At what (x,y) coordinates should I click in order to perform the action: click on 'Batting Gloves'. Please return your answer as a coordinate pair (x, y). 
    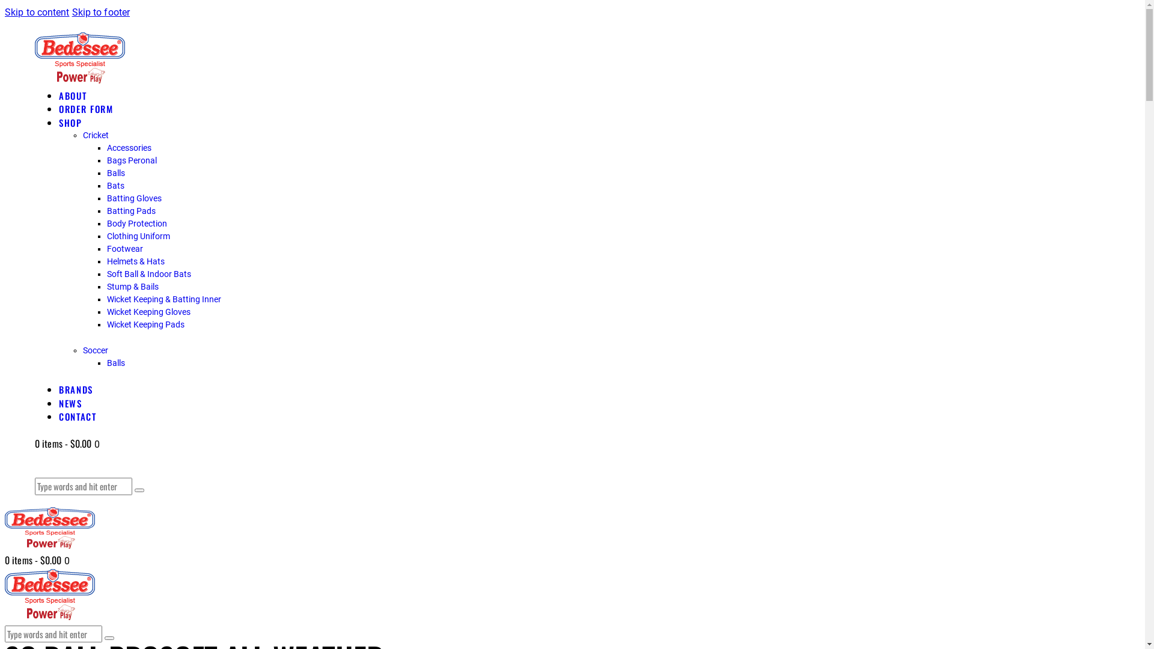
    Looking at the image, I should click on (134, 198).